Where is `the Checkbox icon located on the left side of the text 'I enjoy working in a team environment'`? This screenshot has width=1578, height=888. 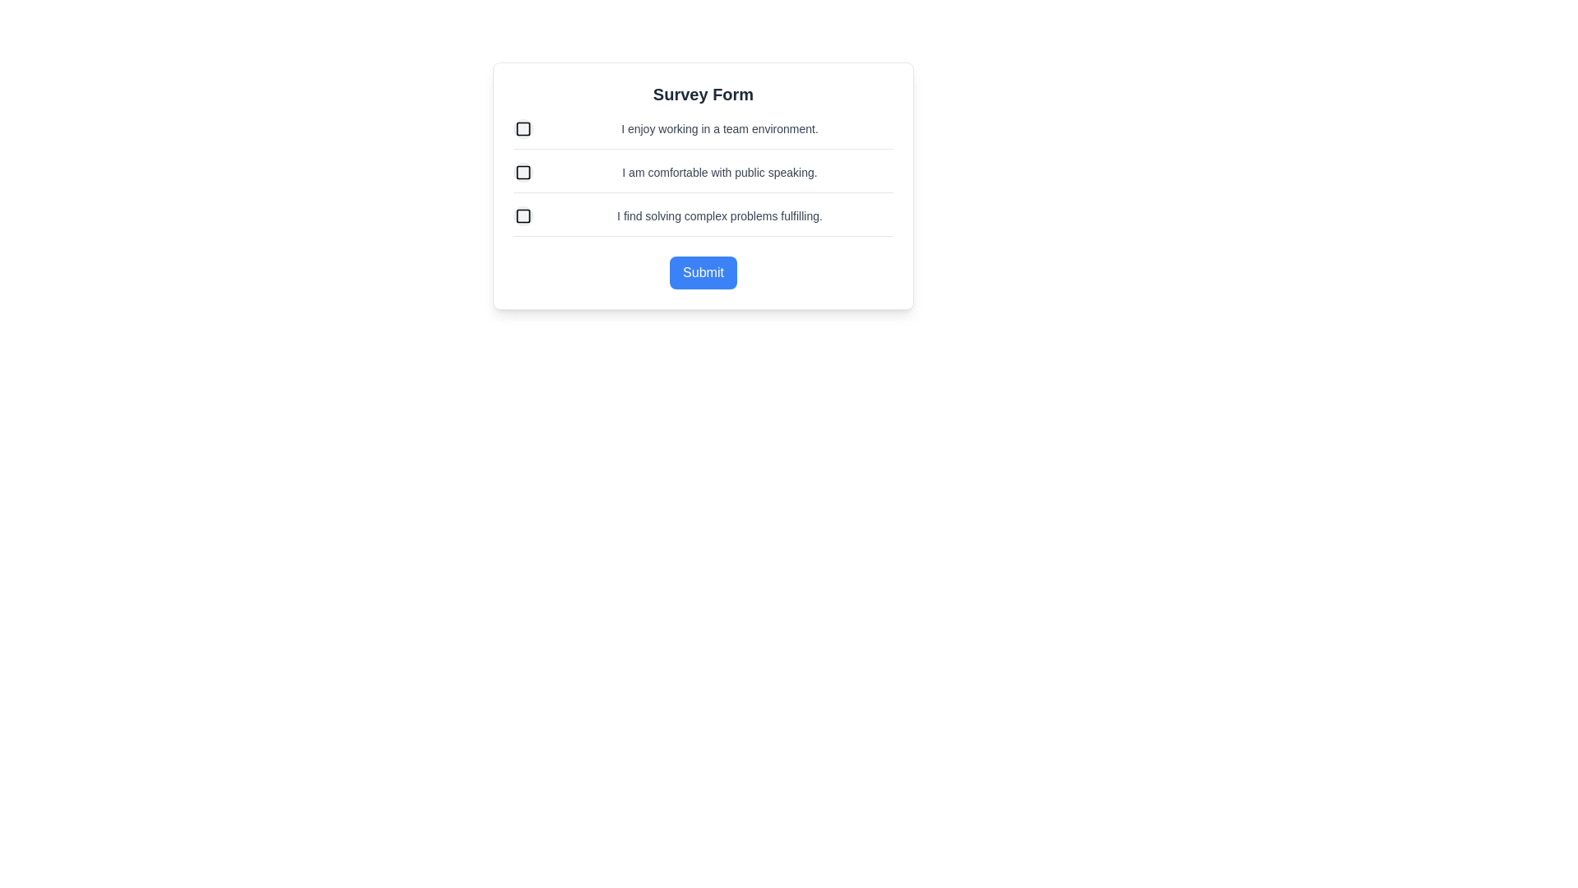 the Checkbox icon located on the left side of the text 'I enjoy working in a team environment' is located at coordinates (523, 128).